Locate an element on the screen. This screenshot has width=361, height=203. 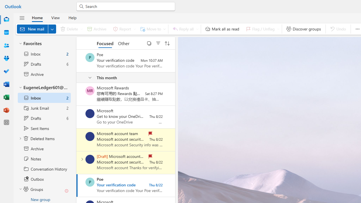
'Search for email, meetings, files and more.' is located at coordinates (128, 6).